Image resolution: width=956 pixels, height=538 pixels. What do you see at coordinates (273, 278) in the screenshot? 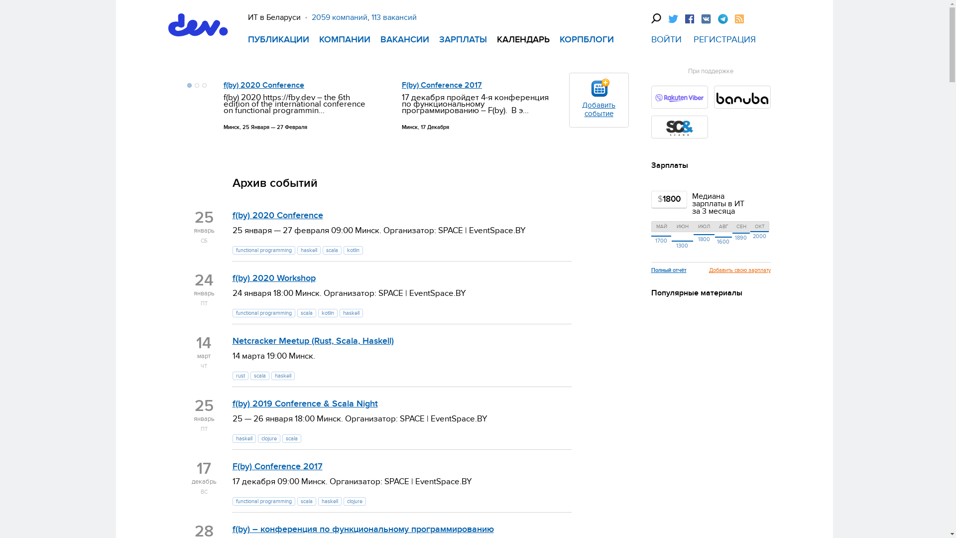
I see `'f(by) 2020 Workshop'` at bounding box center [273, 278].